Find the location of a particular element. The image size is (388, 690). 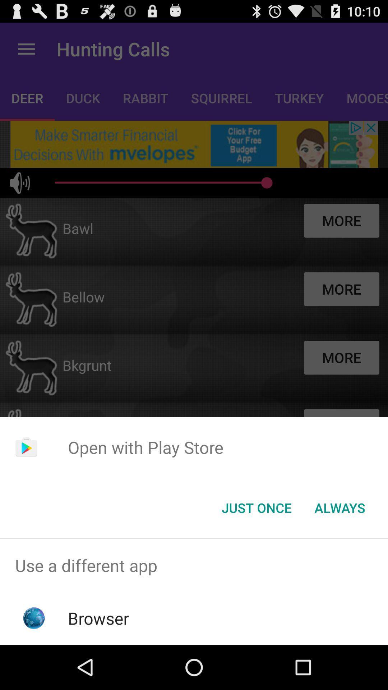

always icon is located at coordinates (339, 507).